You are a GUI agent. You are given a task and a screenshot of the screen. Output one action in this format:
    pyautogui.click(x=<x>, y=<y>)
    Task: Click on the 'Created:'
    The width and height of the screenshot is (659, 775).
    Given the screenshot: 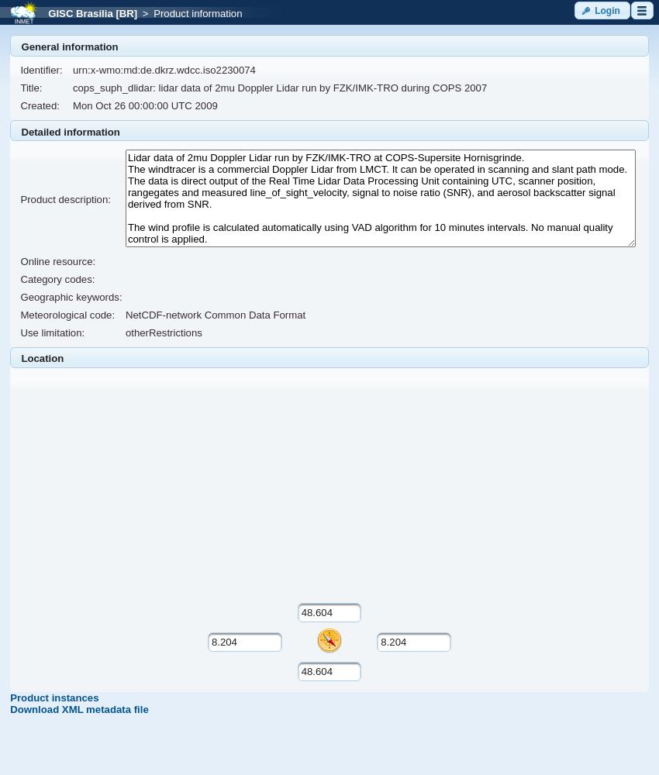 What is the action you would take?
    pyautogui.click(x=40, y=105)
    